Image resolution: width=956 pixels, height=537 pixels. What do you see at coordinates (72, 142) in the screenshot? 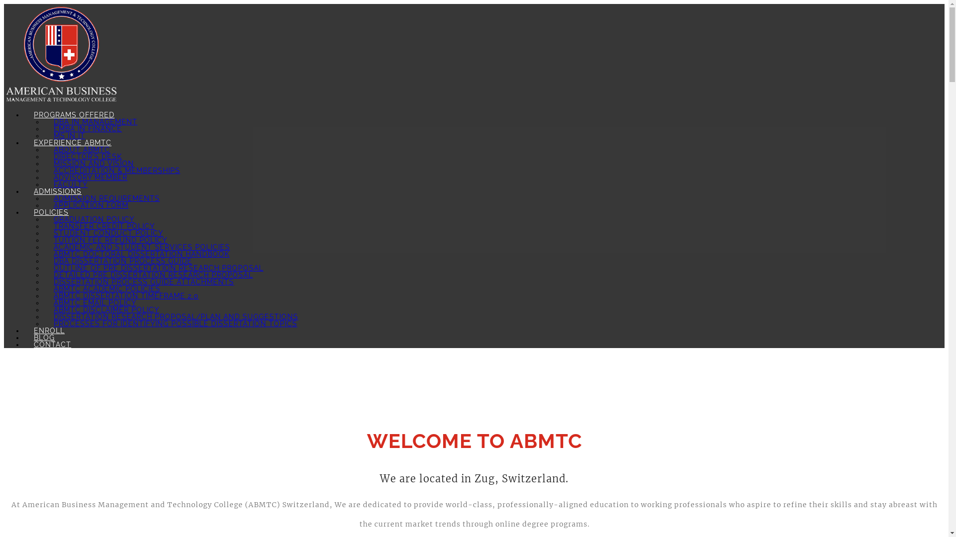
I see `'EXPERIENCE ABMTC'` at bounding box center [72, 142].